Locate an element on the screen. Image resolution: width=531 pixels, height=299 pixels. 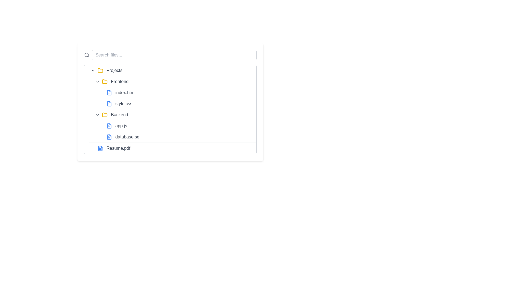
the yellow folder icon representing a folder in the file system, located to the left of the 'Backend' text in the Projects category is located at coordinates (105, 115).